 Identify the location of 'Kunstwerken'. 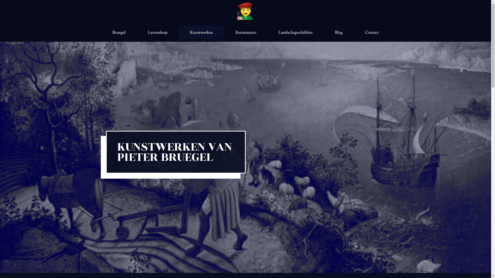
(178, 32).